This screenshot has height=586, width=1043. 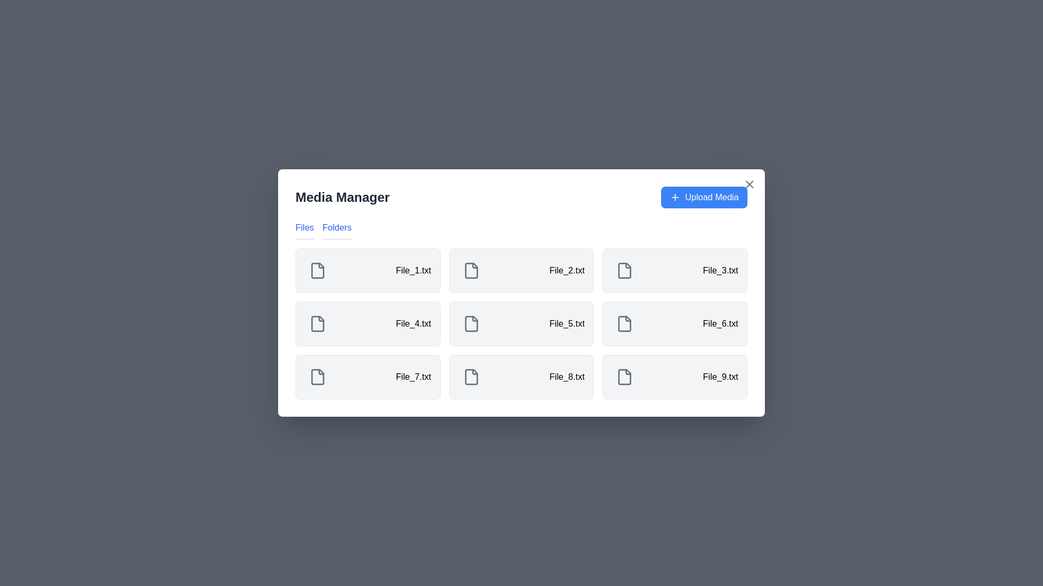 I want to click on the text label component displaying 'File_3.txt', so click(x=720, y=270).